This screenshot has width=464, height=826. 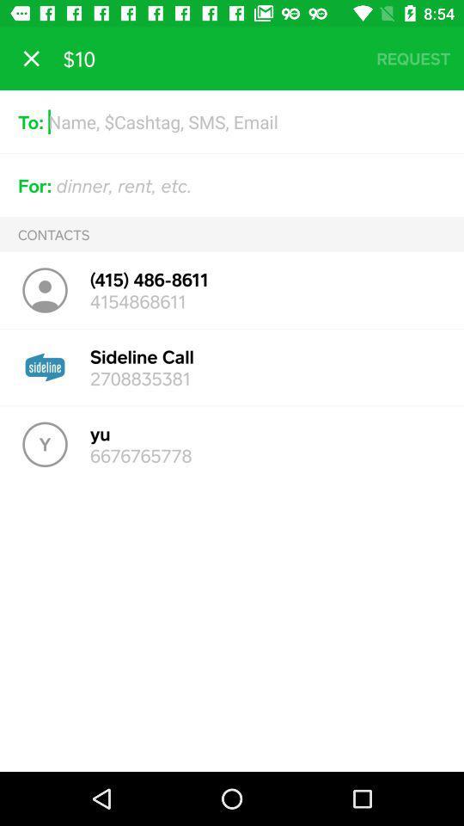 I want to click on the close icon, so click(x=31, y=59).